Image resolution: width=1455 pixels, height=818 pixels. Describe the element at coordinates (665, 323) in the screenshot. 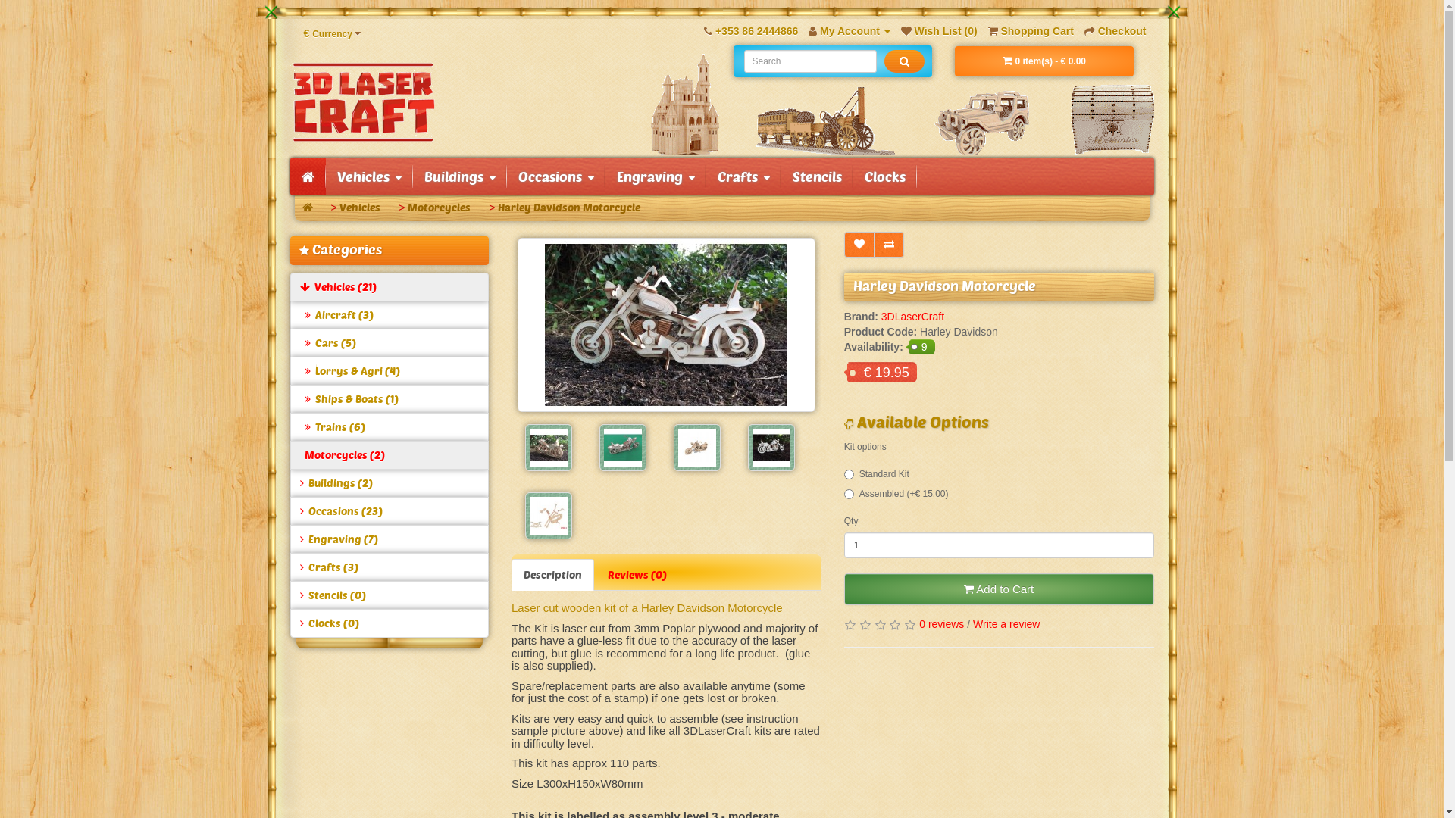

I see `'Harley Davidson Motorcycle'` at that location.